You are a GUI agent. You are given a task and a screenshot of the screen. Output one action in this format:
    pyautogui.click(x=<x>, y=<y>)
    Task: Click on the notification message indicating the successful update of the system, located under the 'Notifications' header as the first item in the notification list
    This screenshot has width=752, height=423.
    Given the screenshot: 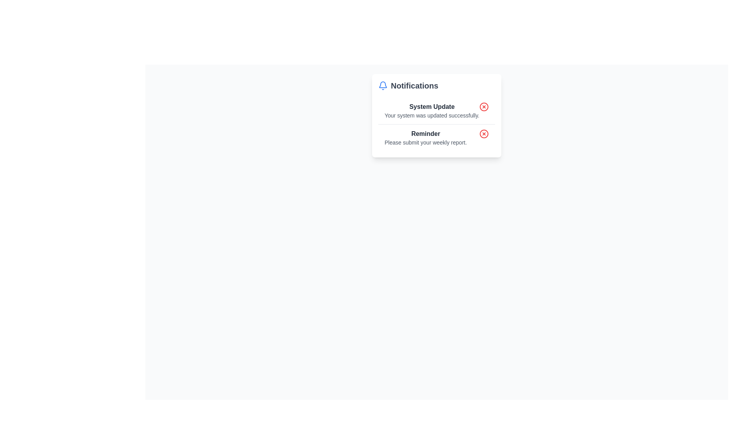 What is the action you would take?
    pyautogui.click(x=432, y=110)
    